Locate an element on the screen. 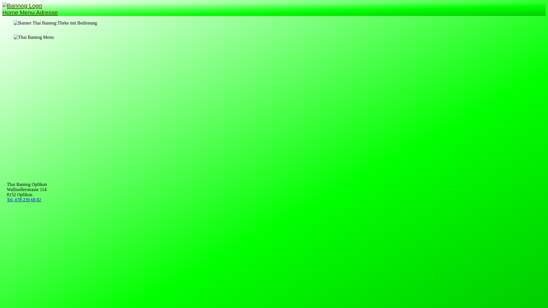 The width and height of the screenshot is (548, 308). 'Tel. 078 239 68 82' is located at coordinates (23, 199).